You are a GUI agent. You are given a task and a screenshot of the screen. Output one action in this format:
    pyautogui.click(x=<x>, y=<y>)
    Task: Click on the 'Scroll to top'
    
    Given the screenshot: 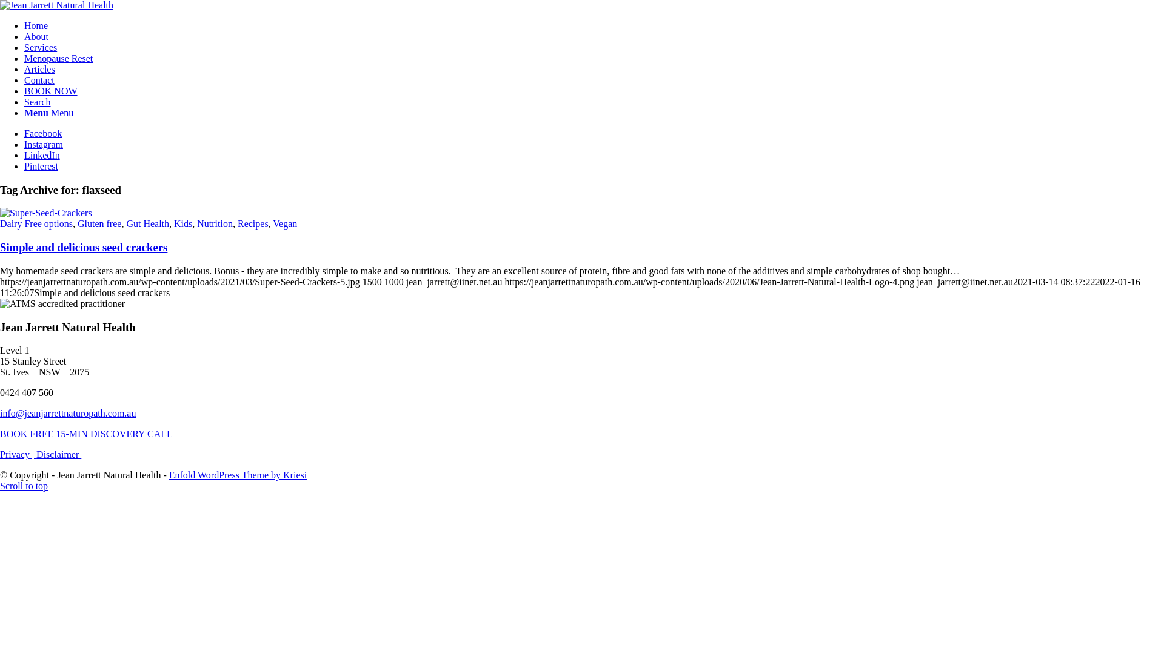 What is the action you would take?
    pyautogui.click(x=24, y=485)
    